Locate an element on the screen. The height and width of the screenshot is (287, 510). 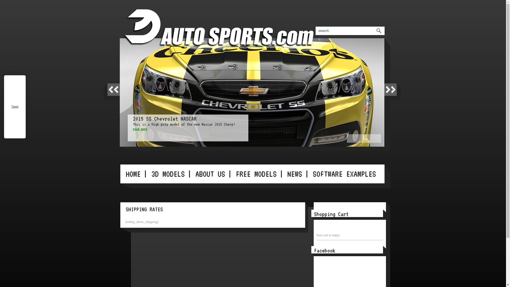
'3D MODELS' is located at coordinates (167, 174).